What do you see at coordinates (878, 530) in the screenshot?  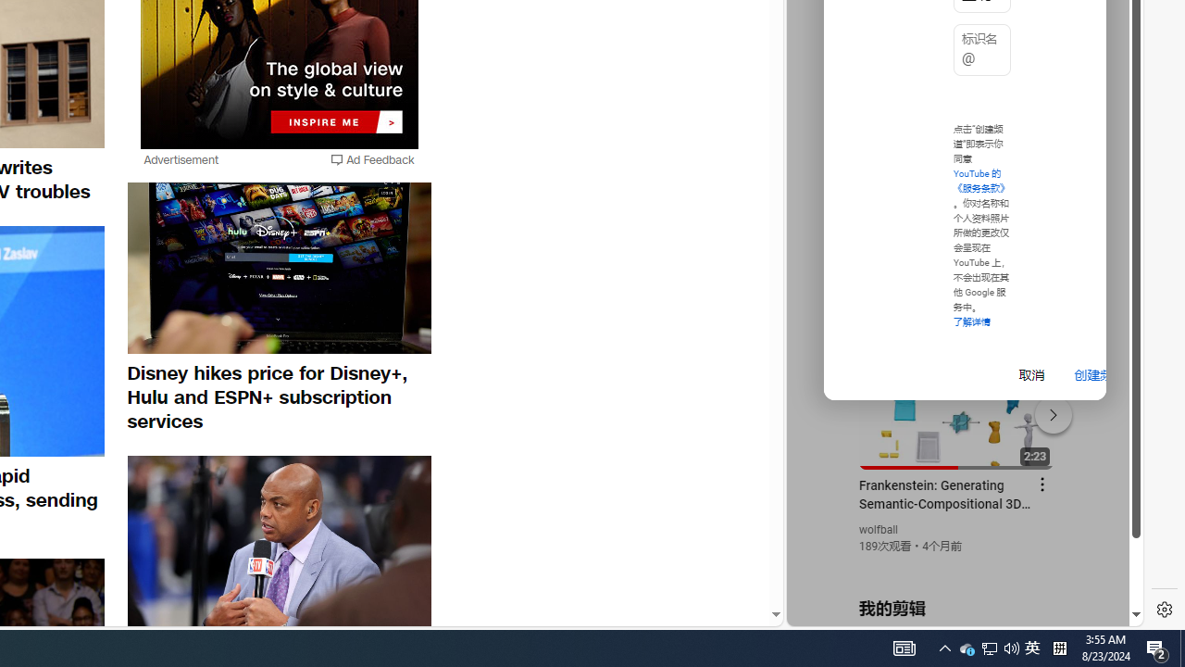 I see `'wolfball'` at bounding box center [878, 530].